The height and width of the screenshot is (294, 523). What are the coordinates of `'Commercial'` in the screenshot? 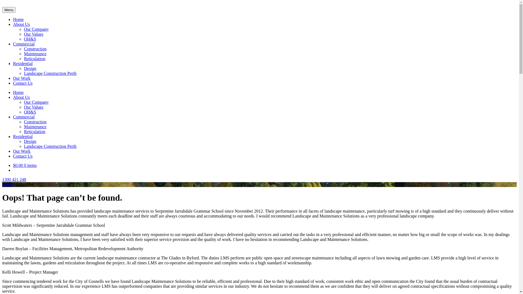 It's located at (23, 117).